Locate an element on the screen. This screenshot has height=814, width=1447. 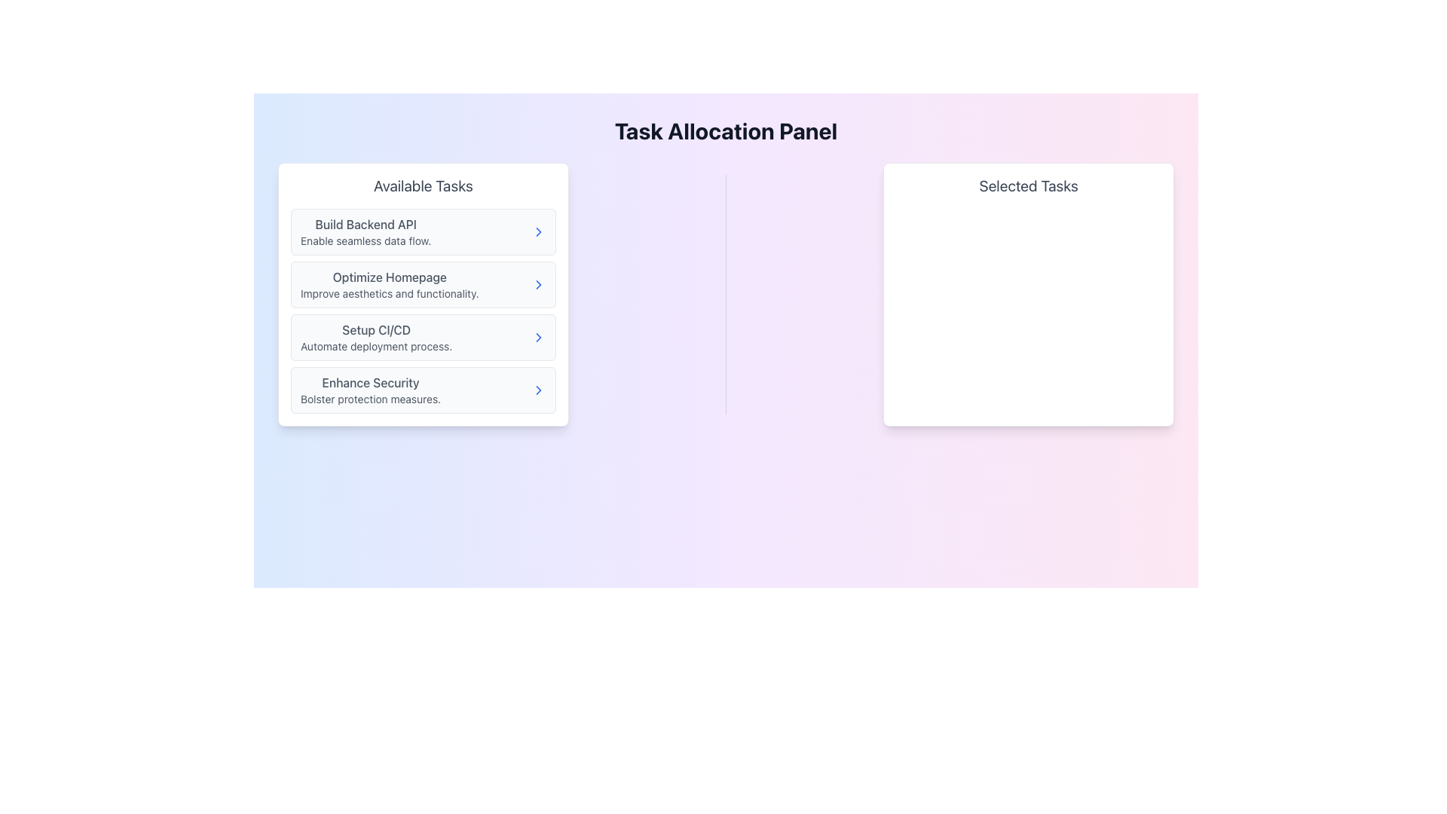
the fourth selectable card in the 'Available Tasks' panel is located at coordinates (422, 389).